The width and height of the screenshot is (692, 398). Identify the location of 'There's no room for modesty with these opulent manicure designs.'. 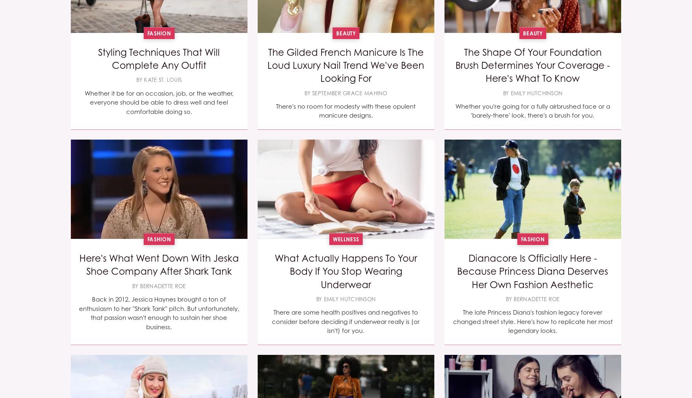
(276, 110).